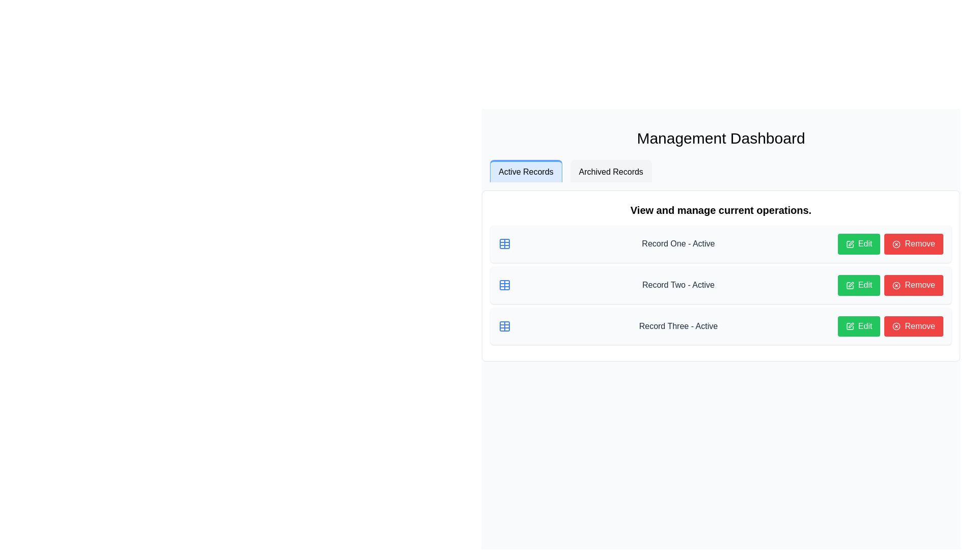 The height and width of the screenshot is (550, 978). What do you see at coordinates (914, 326) in the screenshot?
I see `the red 'Remove' button with white text and a circular icon with a cross, located in the row labeled 'Record Three - Active' at the bottom of the list` at bounding box center [914, 326].